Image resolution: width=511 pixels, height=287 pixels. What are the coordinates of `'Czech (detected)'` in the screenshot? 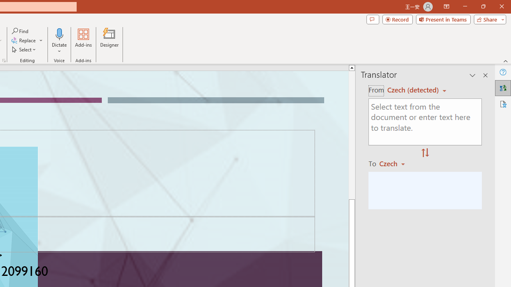 It's located at (414, 90).